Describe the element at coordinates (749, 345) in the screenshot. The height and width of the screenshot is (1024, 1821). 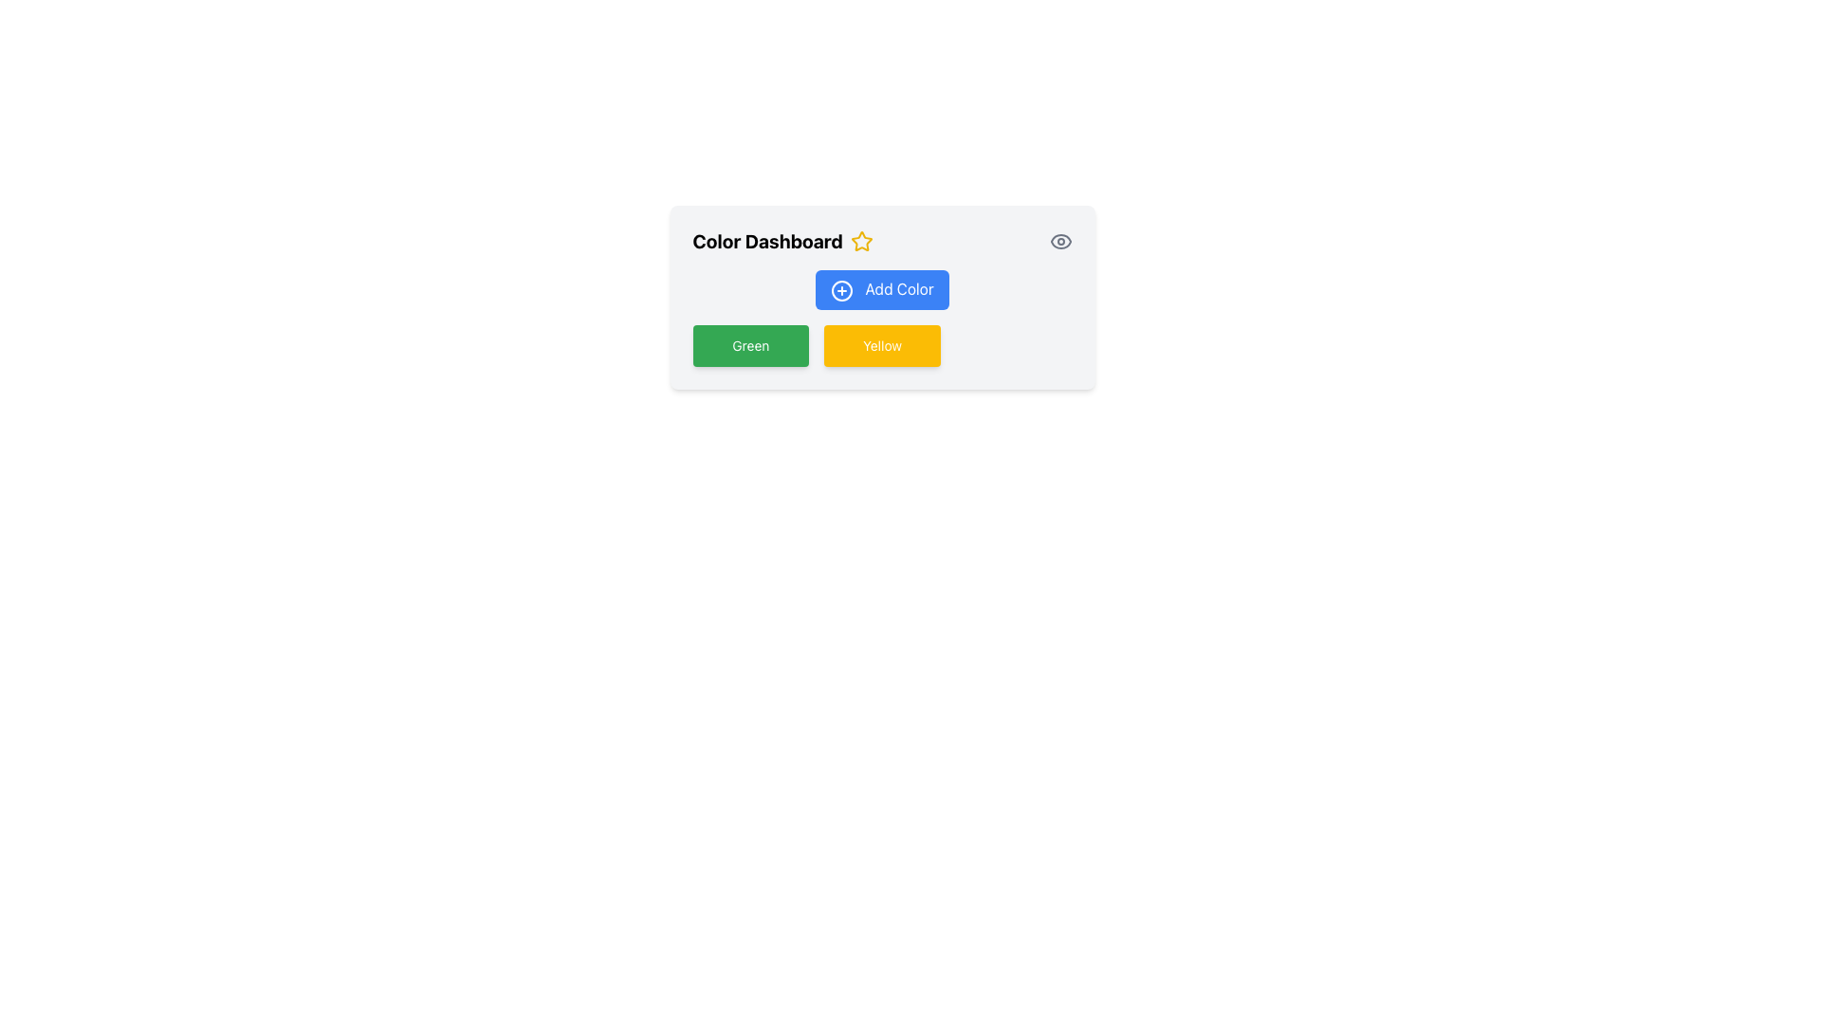
I see `the green color selection button located in the bottom-left section of the 'Color Dashboard', which is positioned directly to the left of the yellow button` at that location.